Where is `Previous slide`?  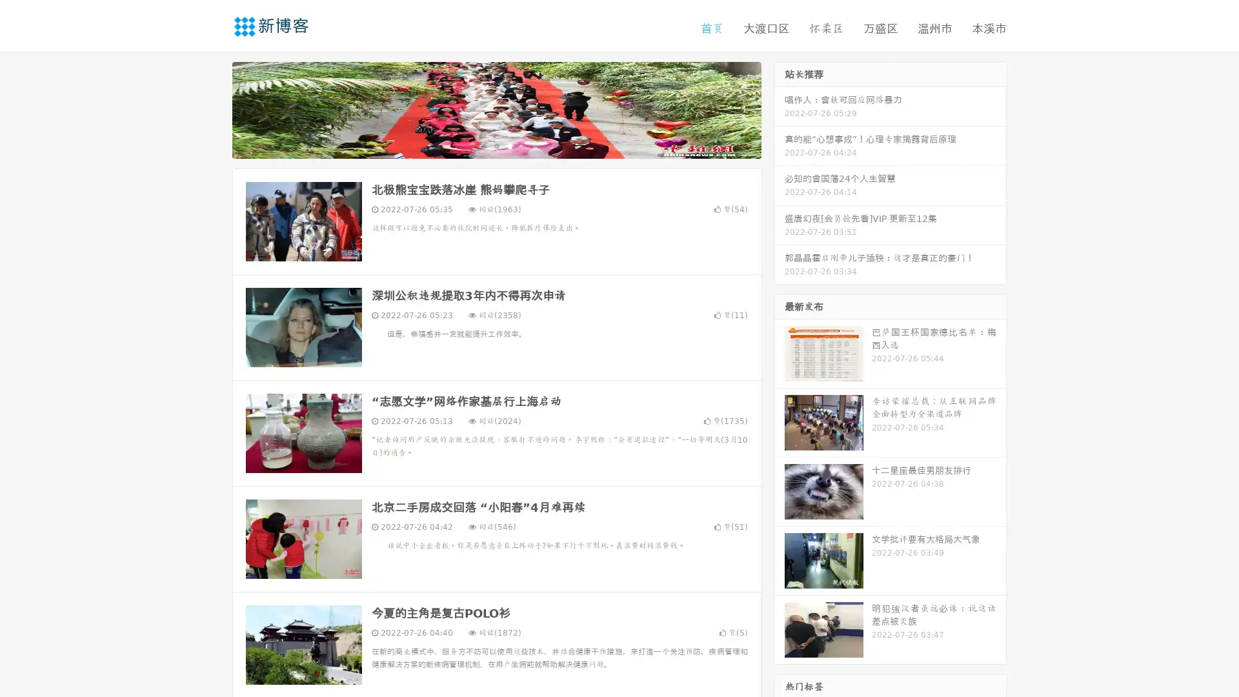 Previous slide is located at coordinates (213, 108).